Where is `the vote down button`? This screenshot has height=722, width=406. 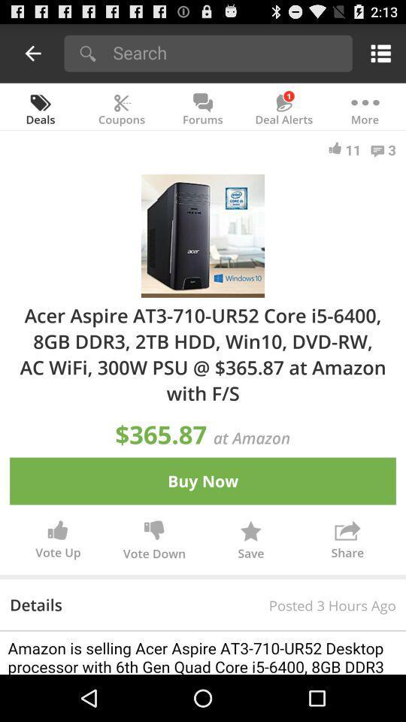
the vote down button is located at coordinates (153, 541).